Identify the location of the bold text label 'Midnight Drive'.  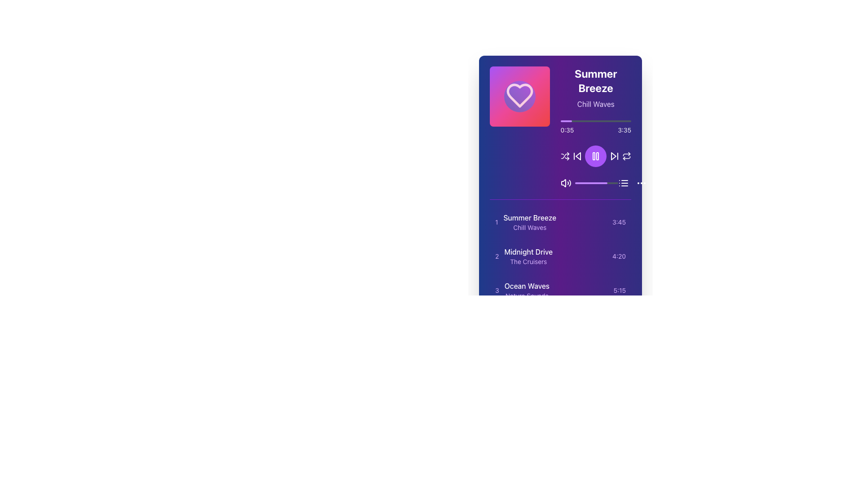
(528, 251).